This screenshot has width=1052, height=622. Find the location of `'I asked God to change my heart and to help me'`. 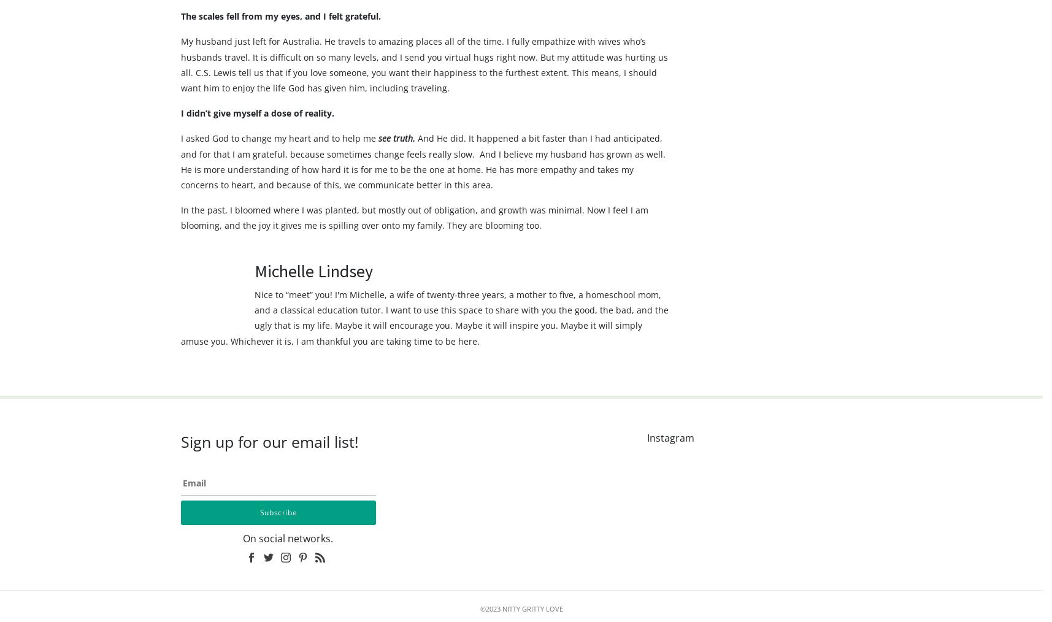

'I asked God to change my heart and to help me' is located at coordinates (280, 162).